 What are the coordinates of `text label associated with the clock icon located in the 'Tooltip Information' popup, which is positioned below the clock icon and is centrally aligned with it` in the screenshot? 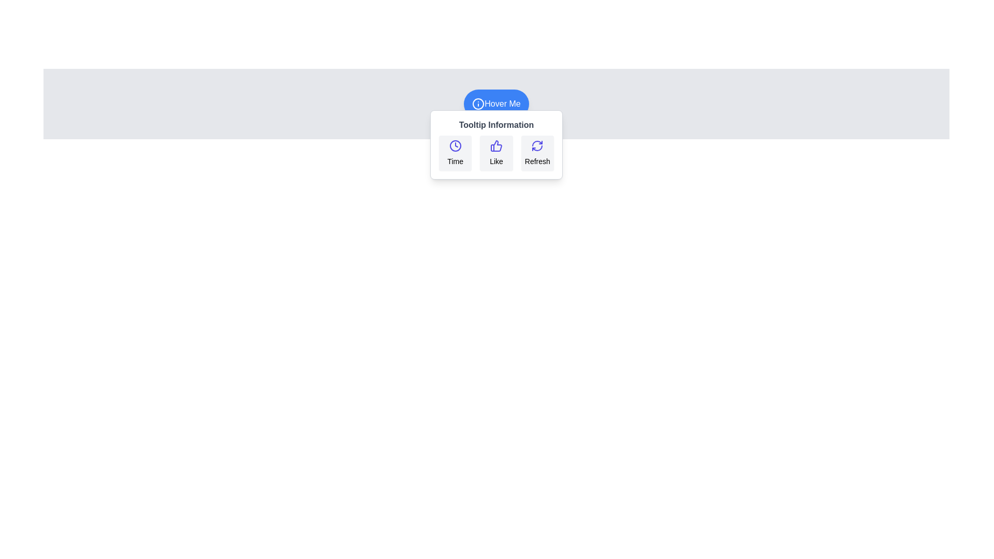 It's located at (455, 161).